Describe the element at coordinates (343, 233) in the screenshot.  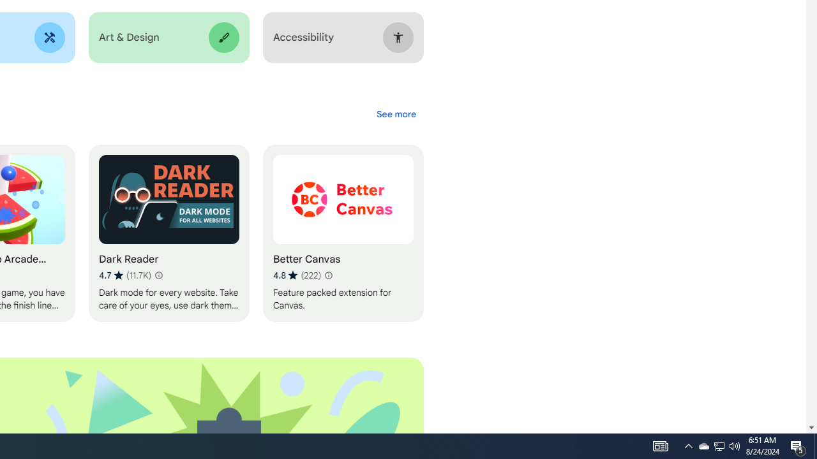
I see `'Better Canvas'` at that location.